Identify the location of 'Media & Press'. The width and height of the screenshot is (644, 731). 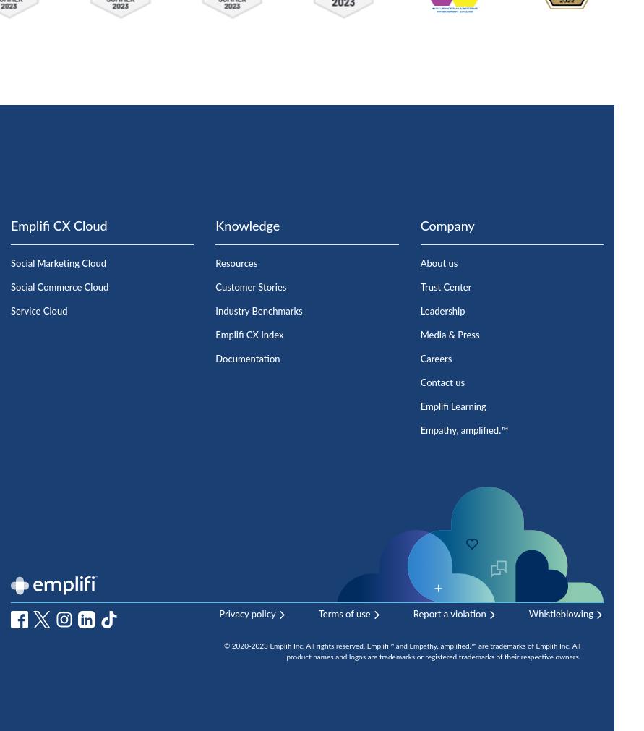
(450, 334).